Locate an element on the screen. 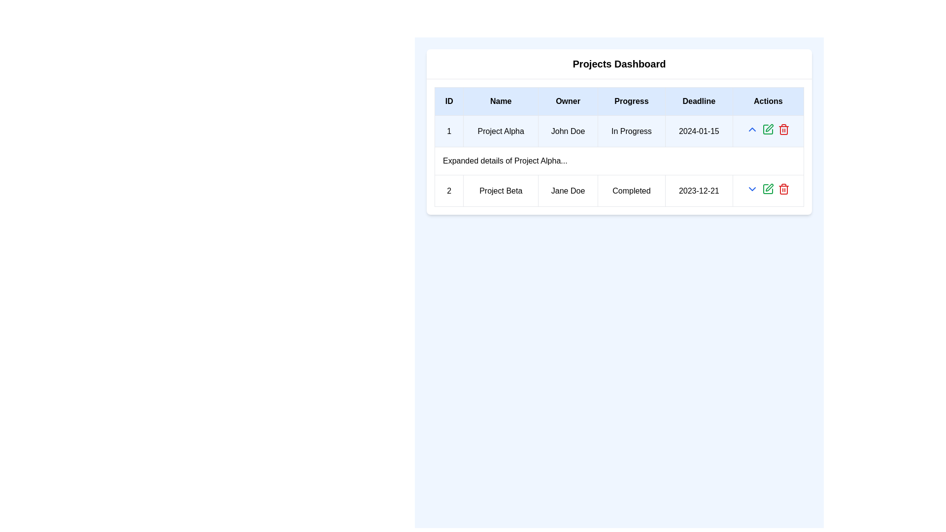  the static text display element showing the date '2023-12-21' in the 'Deadline' column of the project table for 'Project Beta' is located at coordinates (698, 191).